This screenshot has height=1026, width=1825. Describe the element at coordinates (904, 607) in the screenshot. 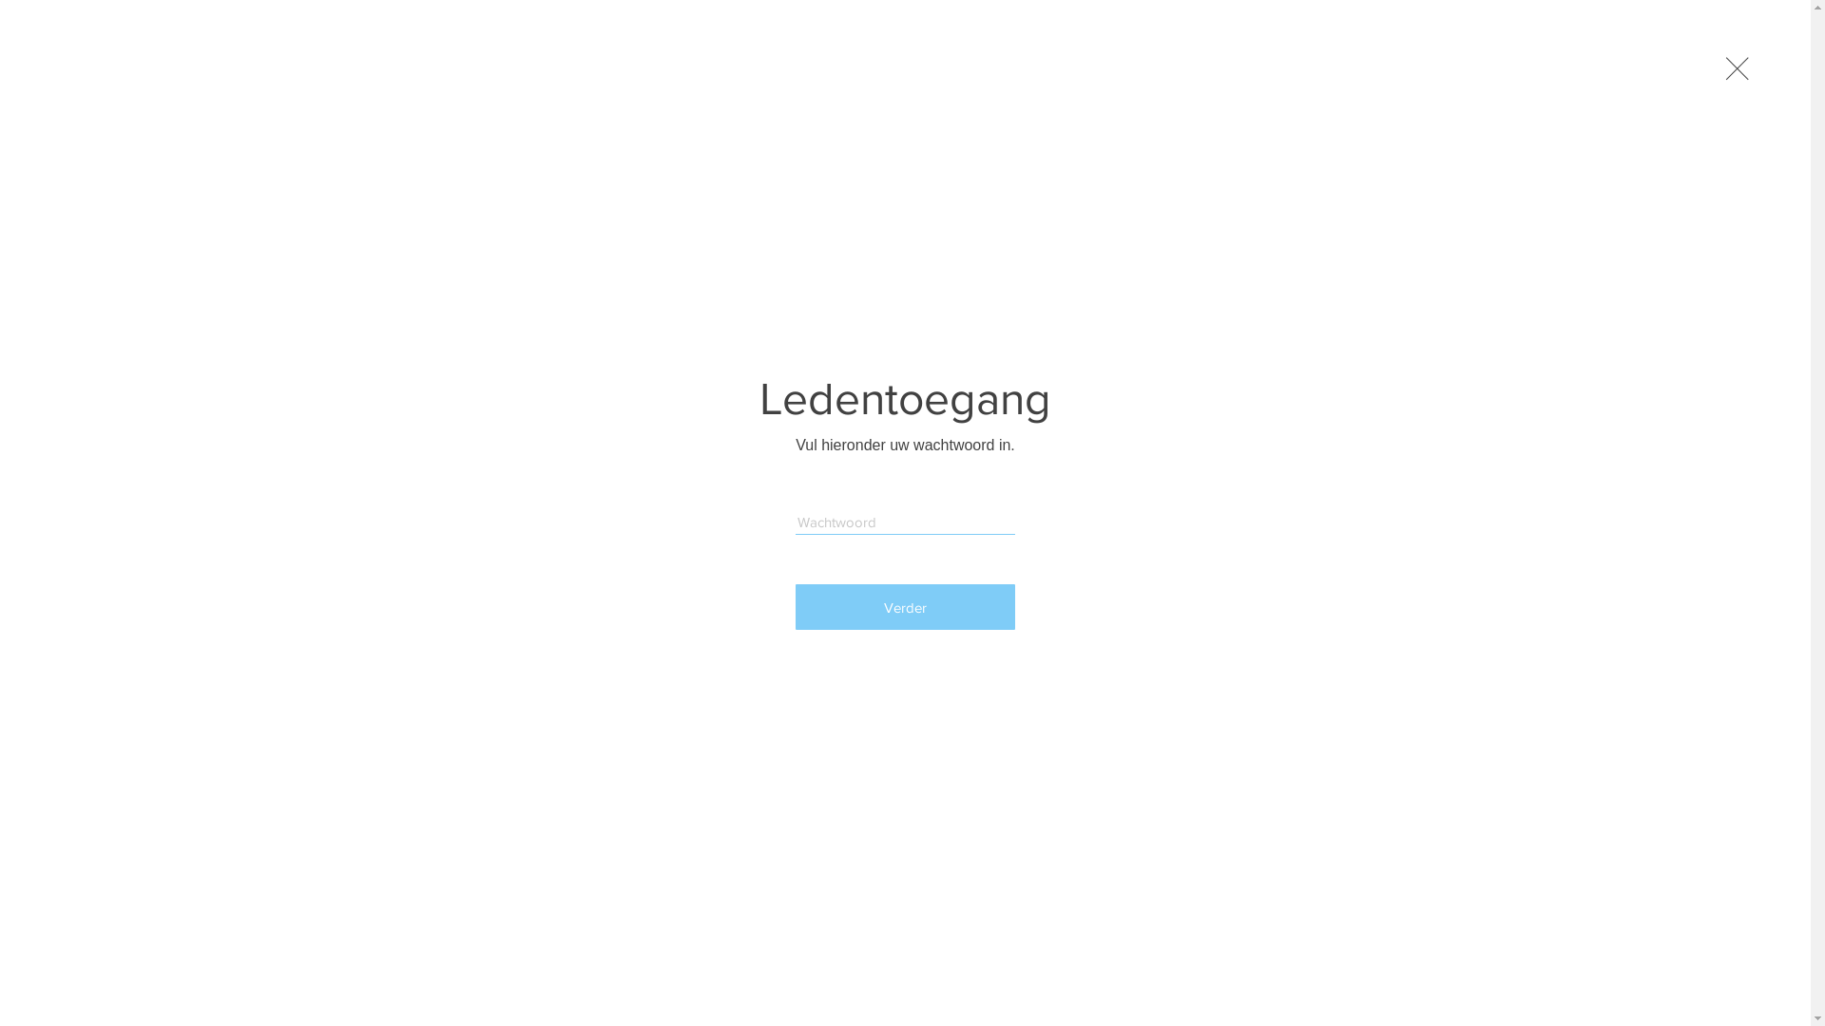

I see `'Verder'` at that location.